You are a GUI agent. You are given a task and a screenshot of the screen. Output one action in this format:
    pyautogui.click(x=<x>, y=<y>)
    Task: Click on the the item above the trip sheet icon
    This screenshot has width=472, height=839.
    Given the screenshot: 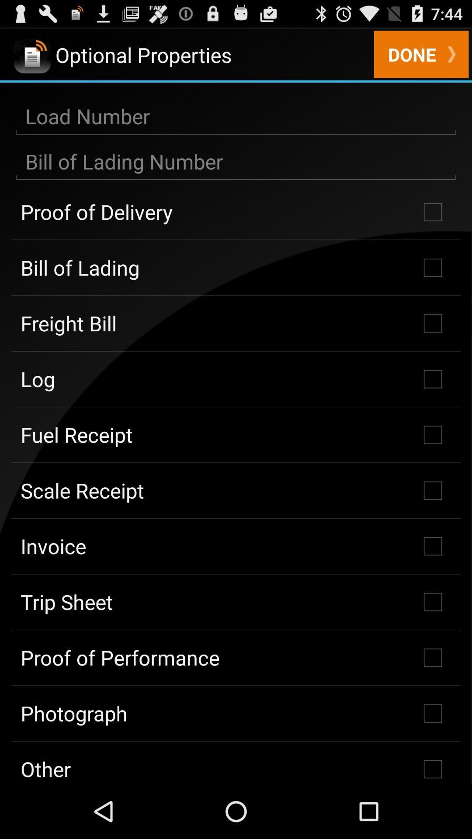 What is the action you would take?
    pyautogui.click(x=236, y=546)
    